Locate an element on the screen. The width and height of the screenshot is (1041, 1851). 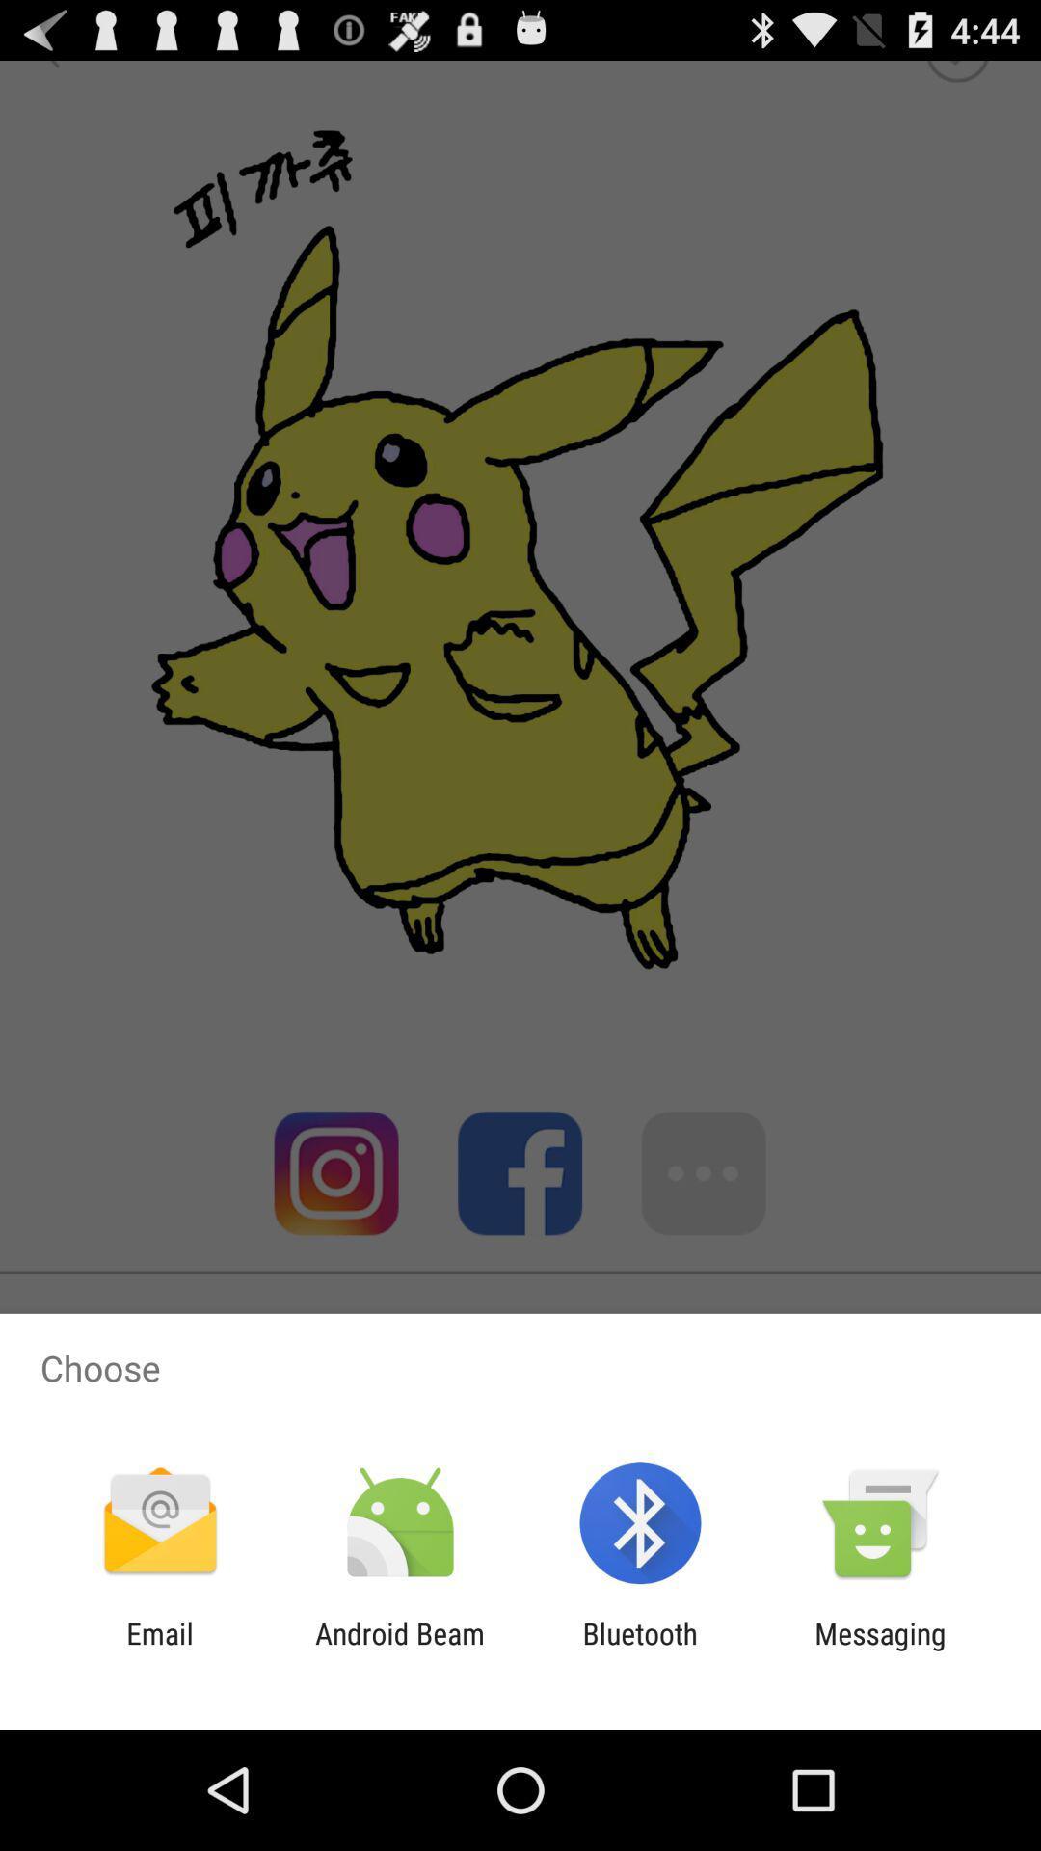
the icon to the right of bluetooth app is located at coordinates (880, 1650).